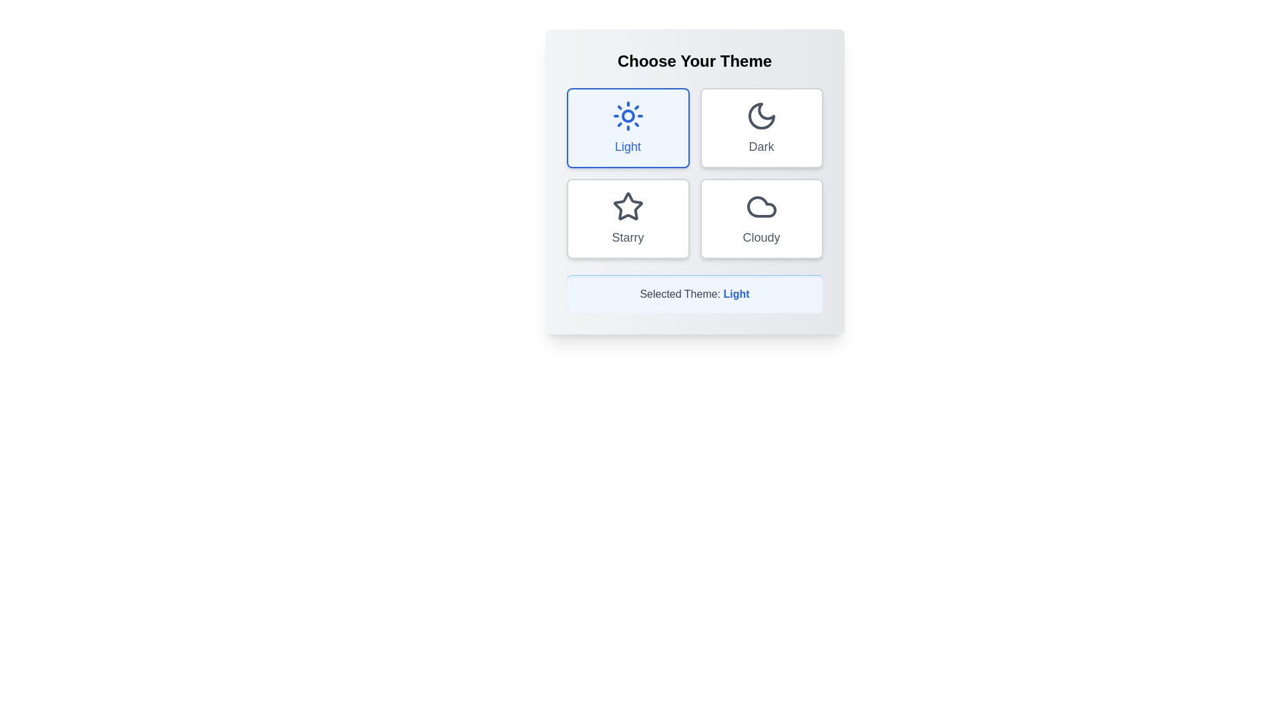 The width and height of the screenshot is (1282, 721). What do you see at coordinates (627, 218) in the screenshot?
I see `the Starry button to select the corresponding theme` at bounding box center [627, 218].